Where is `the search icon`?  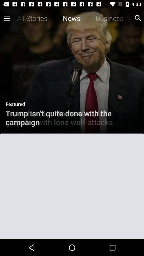 the search icon is located at coordinates (138, 19).